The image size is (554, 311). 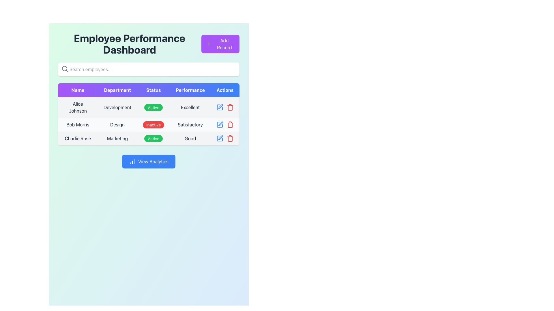 What do you see at coordinates (230, 139) in the screenshot?
I see `the delete icon button in the Actions column for the entry labeled 'Bob Morris'` at bounding box center [230, 139].